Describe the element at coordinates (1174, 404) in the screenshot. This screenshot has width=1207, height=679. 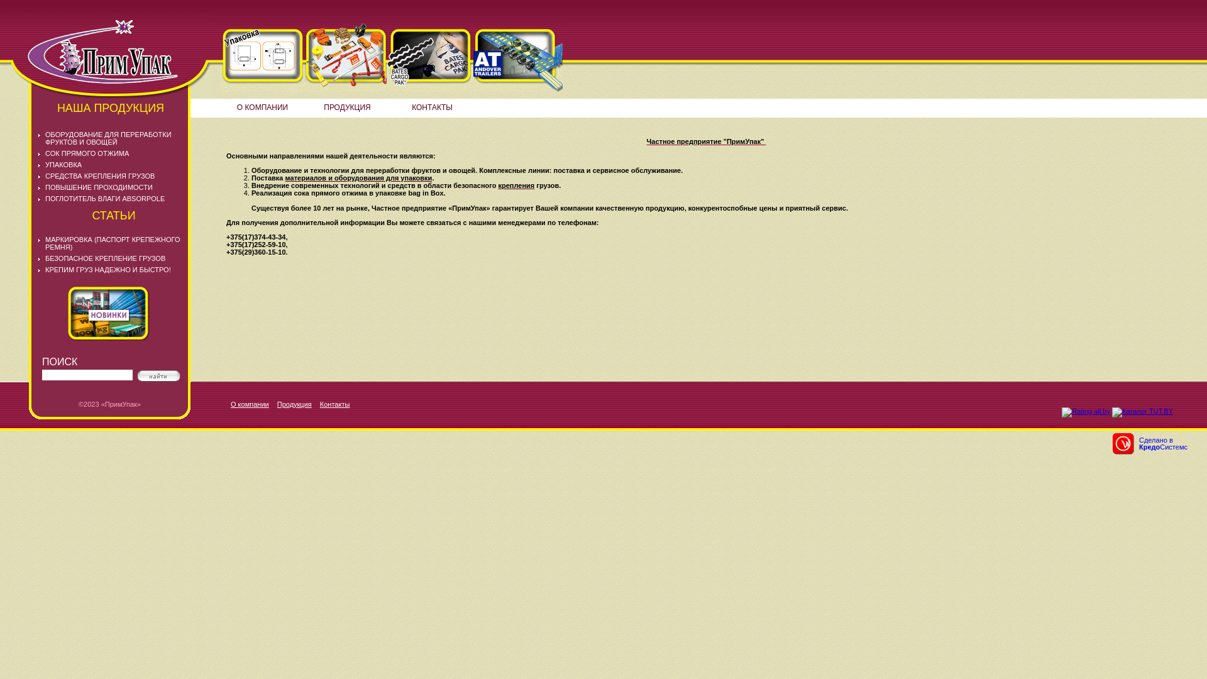
I see `'LiveInternet'` at that location.